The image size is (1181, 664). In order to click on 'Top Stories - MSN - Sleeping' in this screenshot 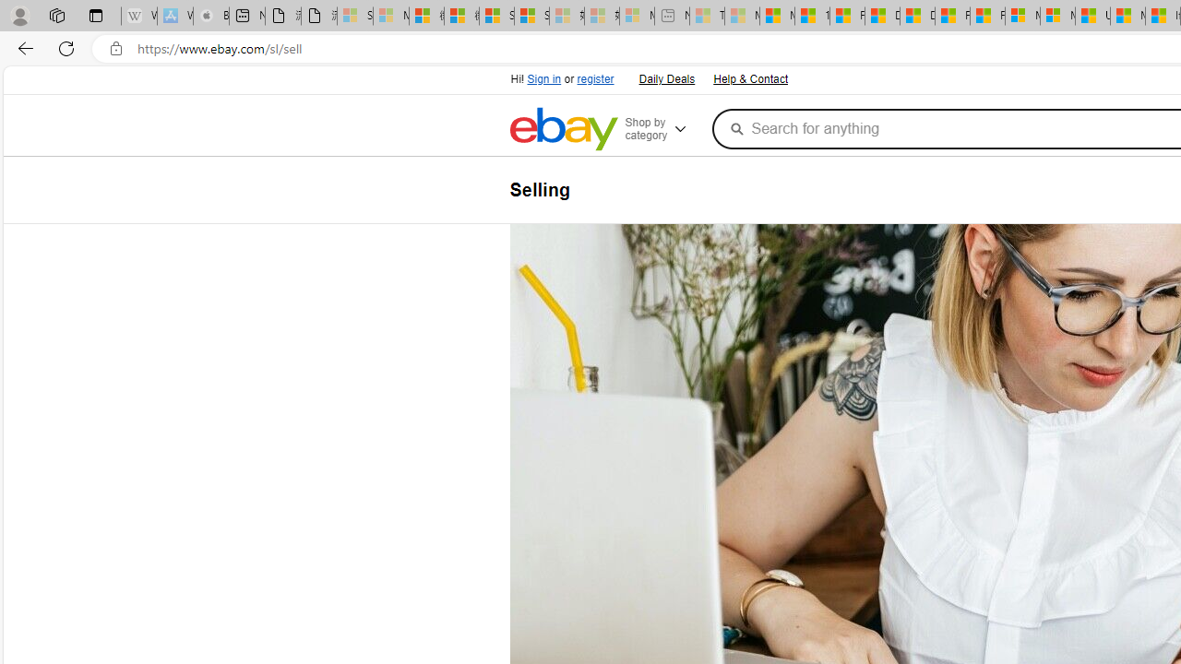, I will do `click(706, 16)`.